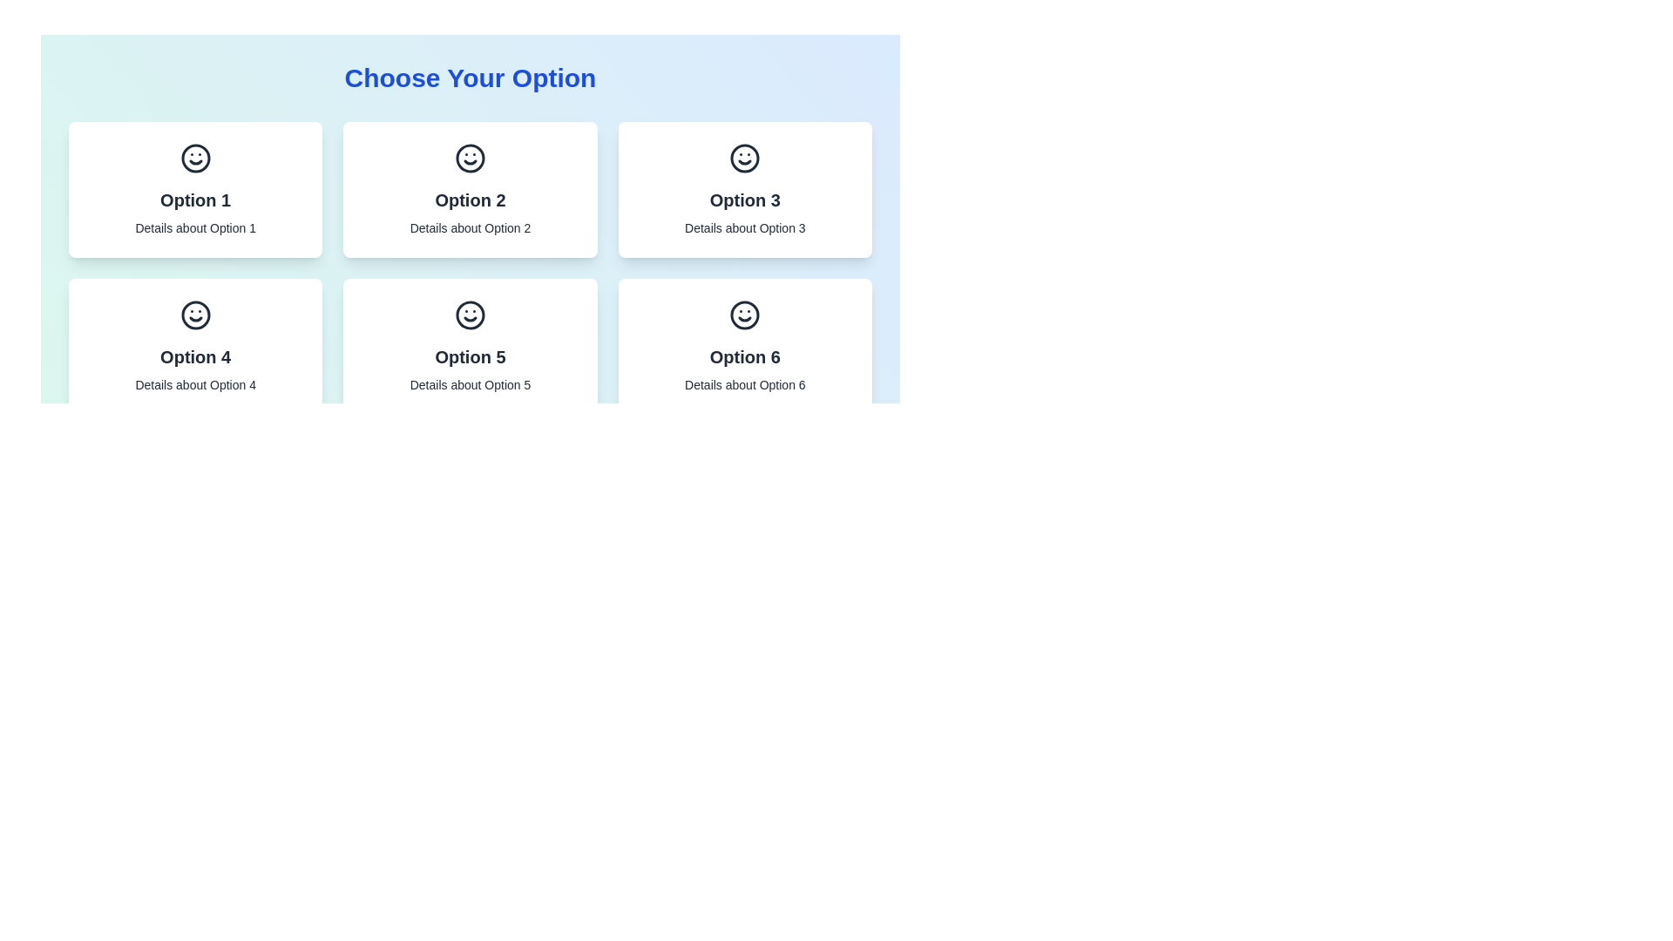 This screenshot has height=941, width=1673. What do you see at coordinates (470, 315) in the screenshot?
I see `the graphical icon (SVG circle with a smiley face) representing 'Option 5', located in the lower row, middle column of the grid layout` at bounding box center [470, 315].